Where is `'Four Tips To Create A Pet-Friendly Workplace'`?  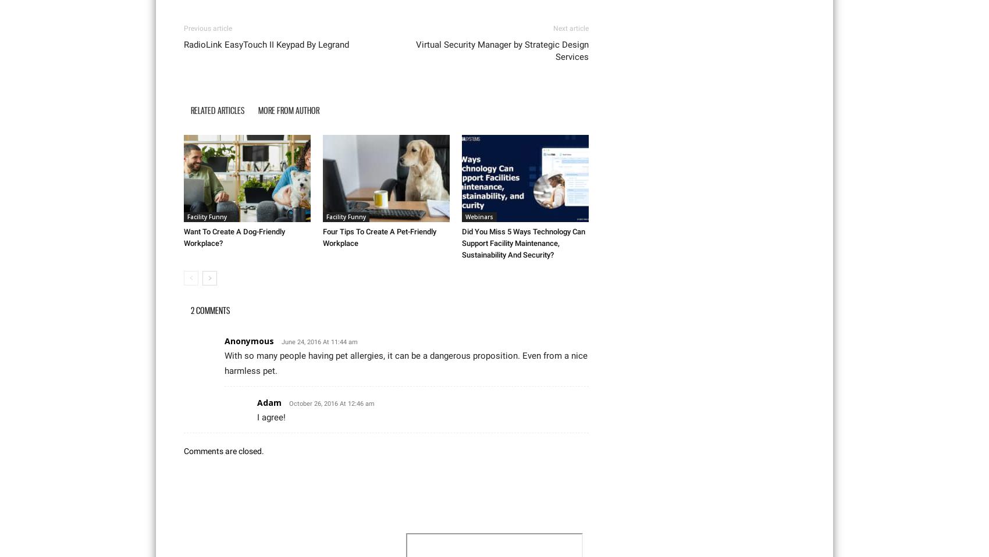 'Four Tips To Create A Pet-Friendly Workplace' is located at coordinates (379, 237).